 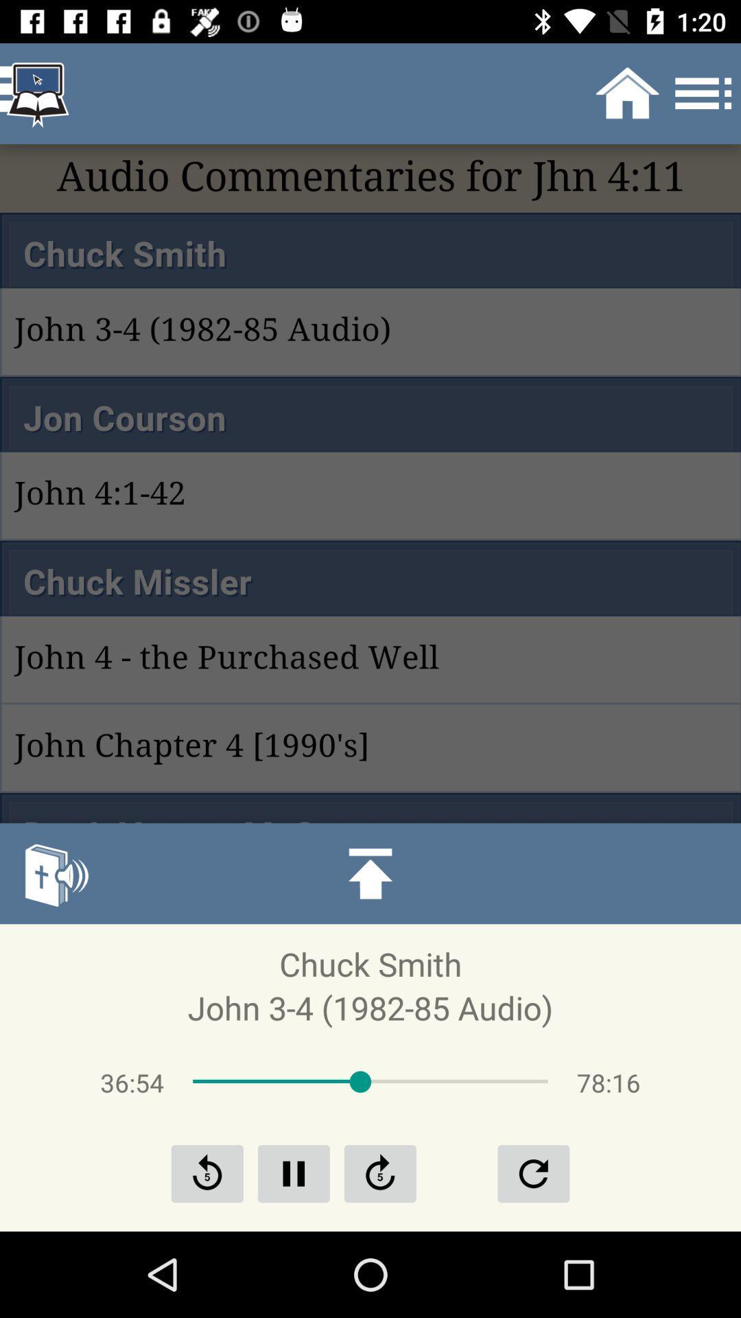 What do you see at coordinates (380, 1172) in the screenshot?
I see `the av_forward icon` at bounding box center [380, 1172].